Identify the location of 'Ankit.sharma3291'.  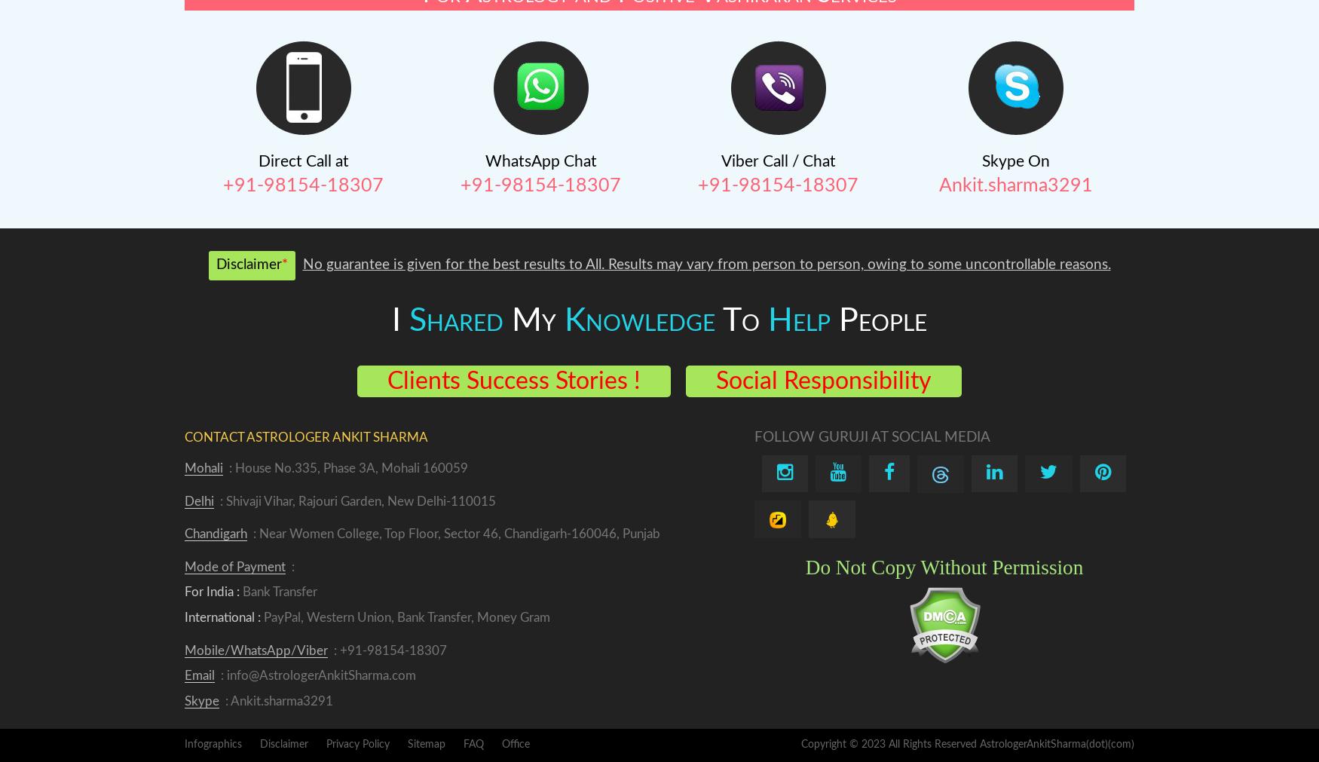
(938, 185).